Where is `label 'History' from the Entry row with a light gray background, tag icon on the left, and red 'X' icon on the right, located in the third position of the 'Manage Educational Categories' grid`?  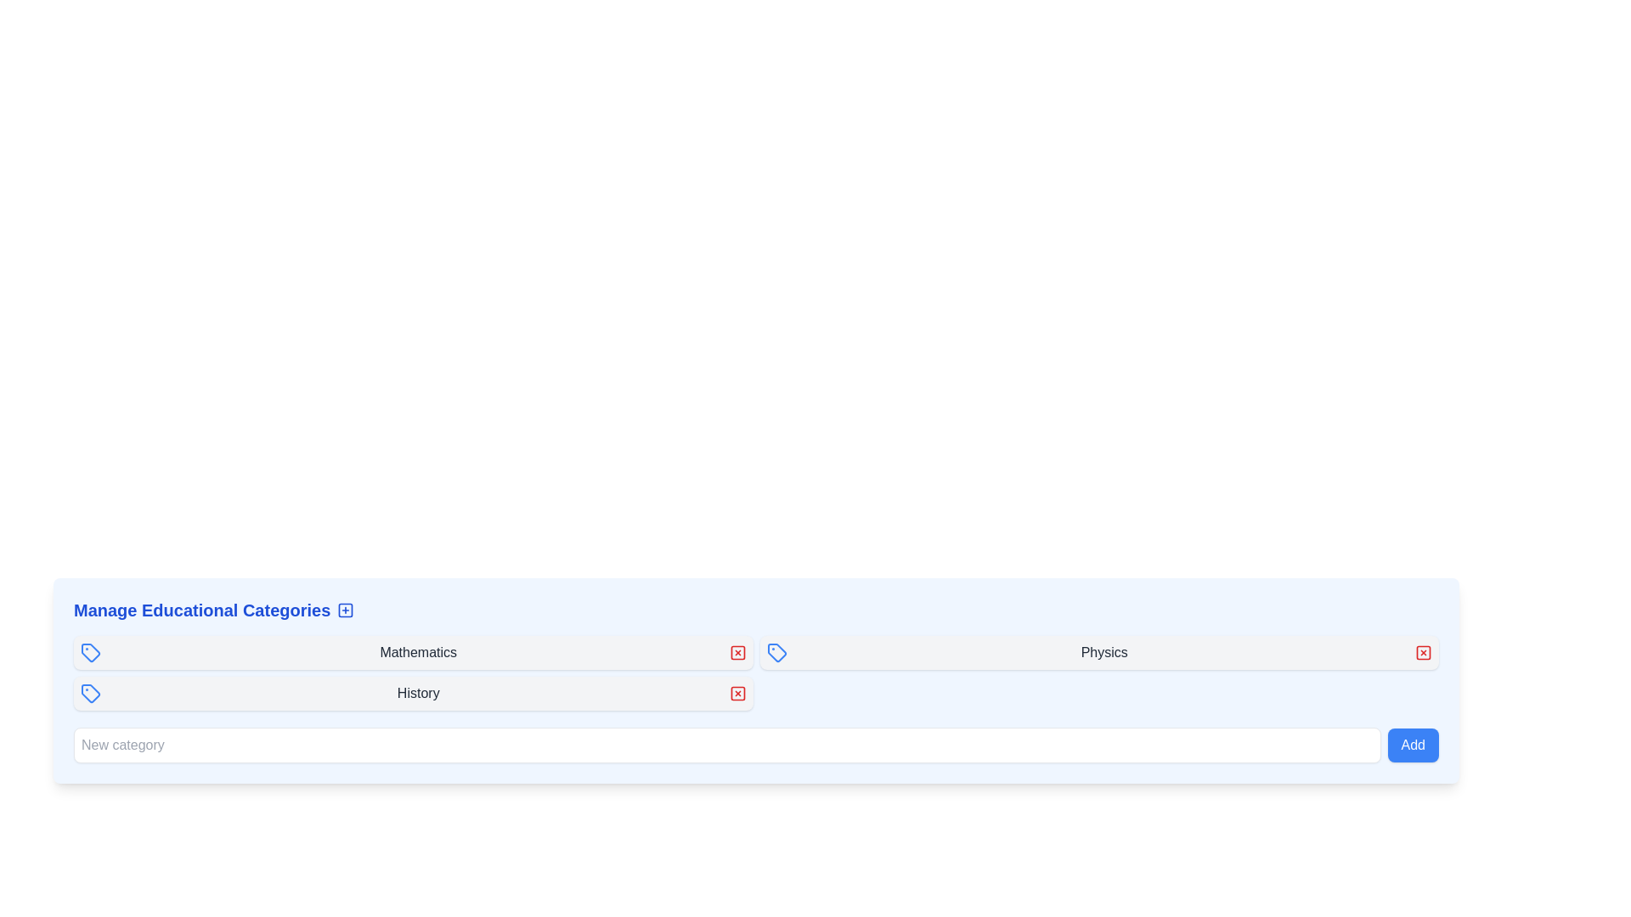 label 'History' from the Entry row with a light gray background, tag icon on the left, and red 'X' icon on the right, located in the third position of the 'Manage Educational Categories' grid is located at coordinates (413, 694).